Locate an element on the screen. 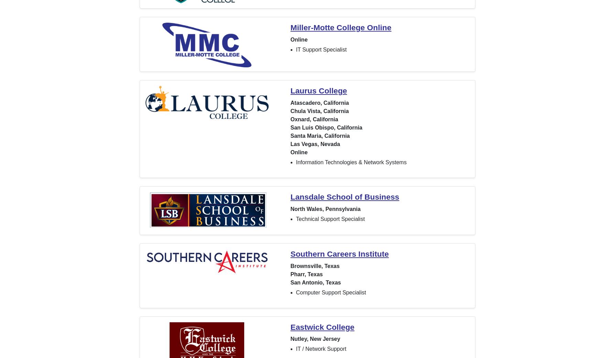 The width and height of the screenshot is (615, 358). 'IT / Network Support' is located at coordinates (321, 349).